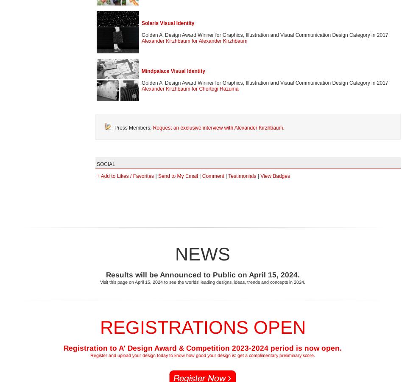  Describe the element at coordinates (202, 347) in the screenshot. I see `'Registration to A' Design Award & Competition 2023-2024 period is now open.'` at that location.